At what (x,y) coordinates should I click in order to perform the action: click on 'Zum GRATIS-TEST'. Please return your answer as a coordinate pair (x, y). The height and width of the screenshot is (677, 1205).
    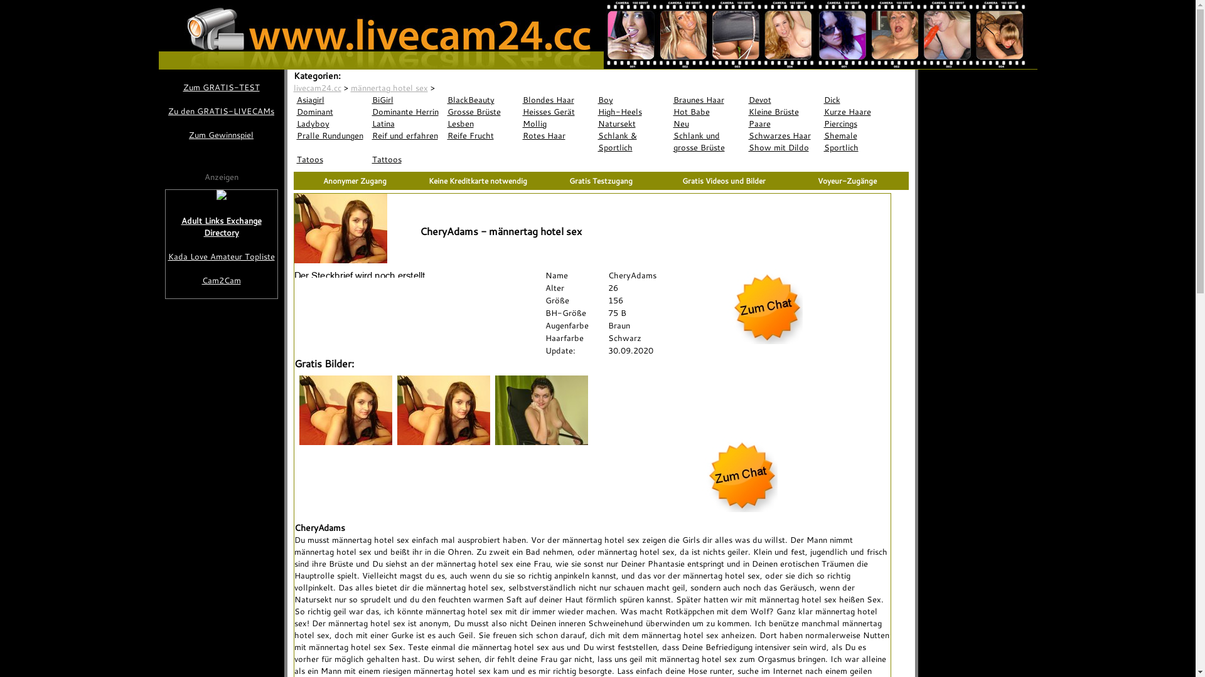
    Looking at the image, I should click on (220, 87).